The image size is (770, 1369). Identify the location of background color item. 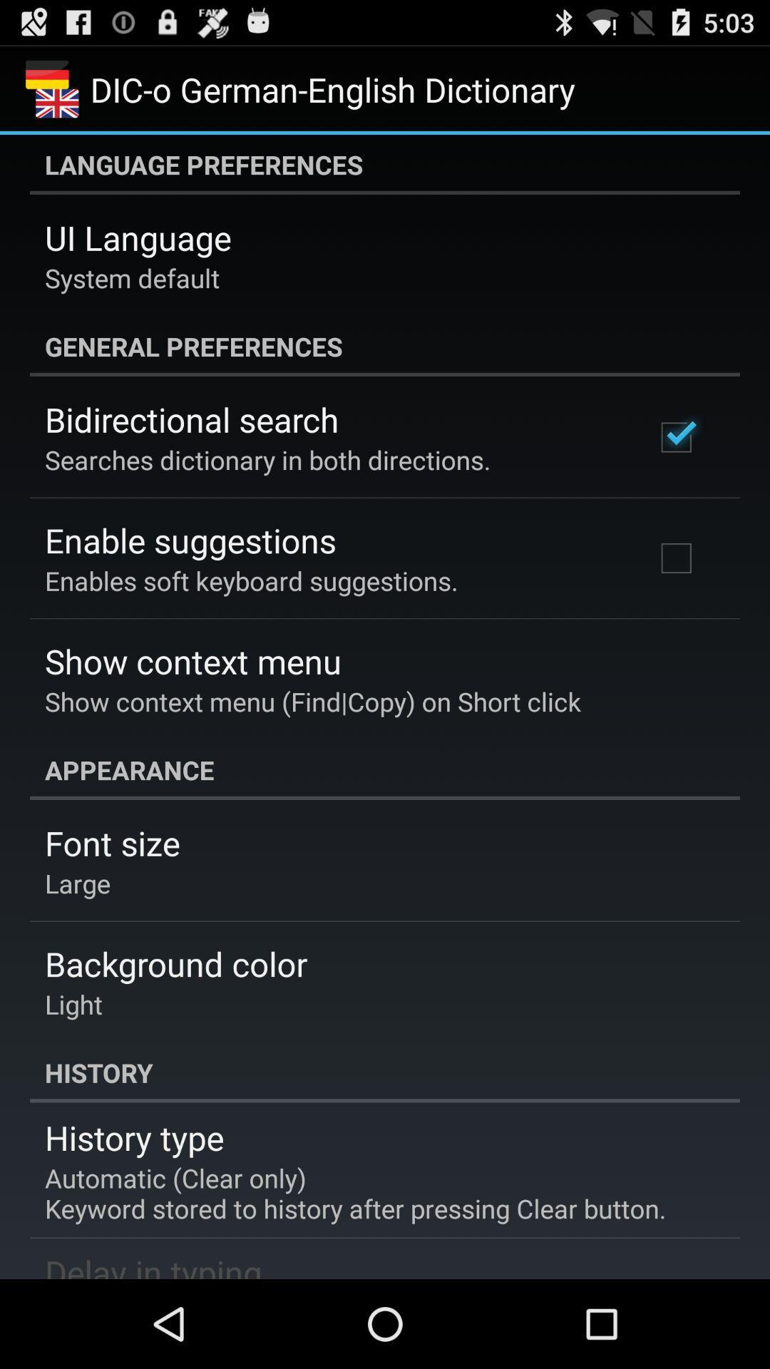
(175, 963).